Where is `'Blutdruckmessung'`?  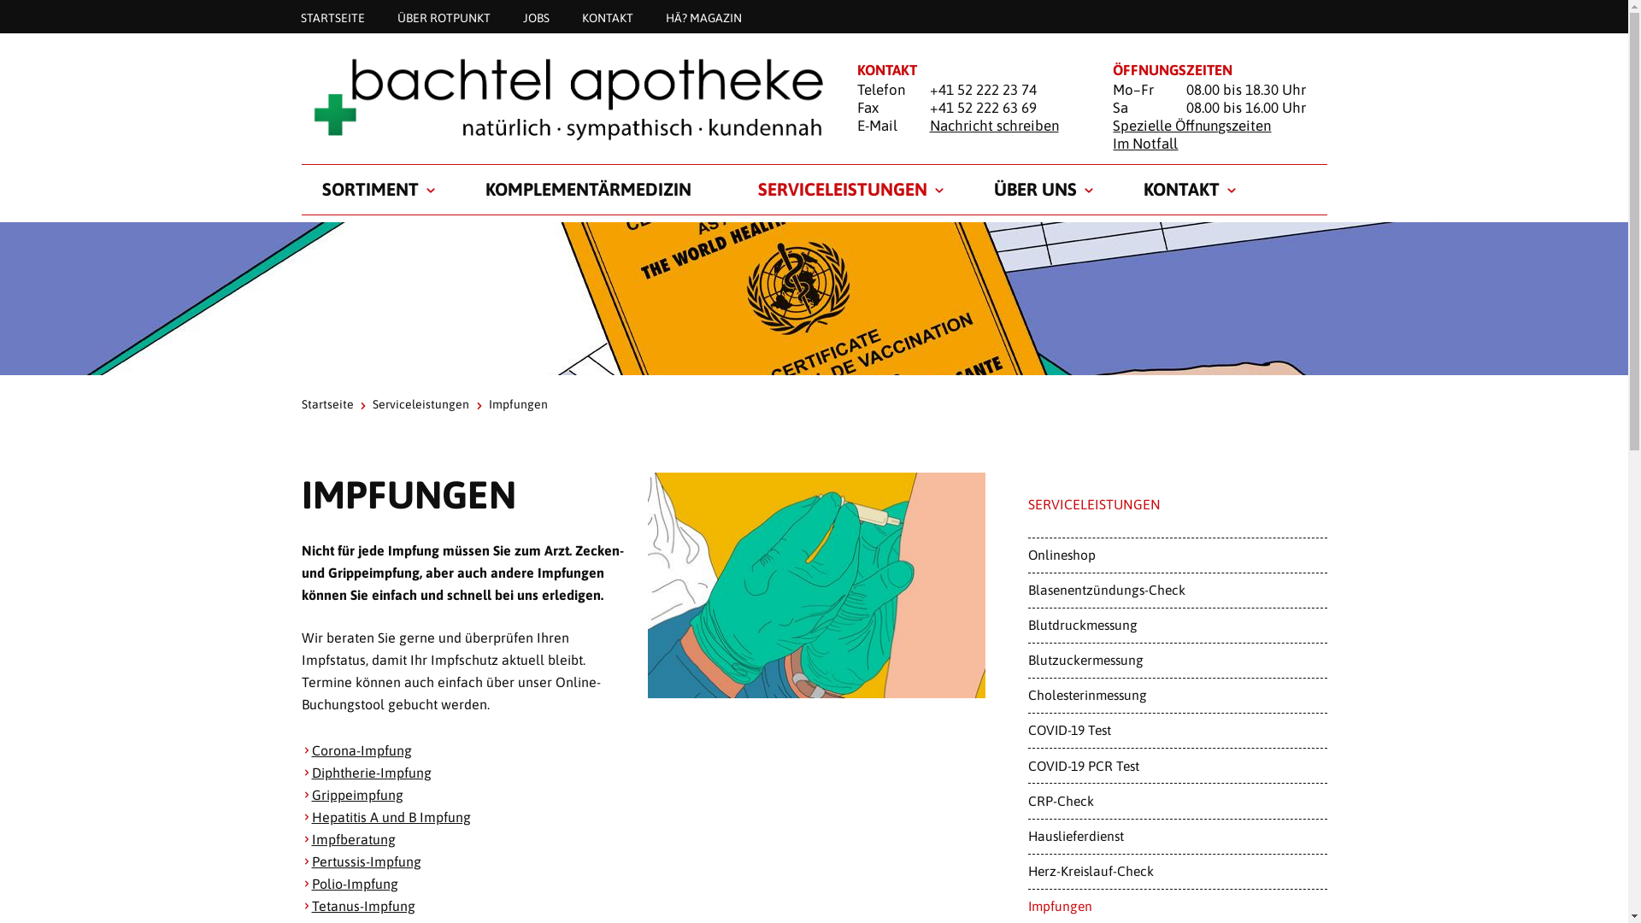
'Blutdruckmessung' is located at coordinates (1176, 626).